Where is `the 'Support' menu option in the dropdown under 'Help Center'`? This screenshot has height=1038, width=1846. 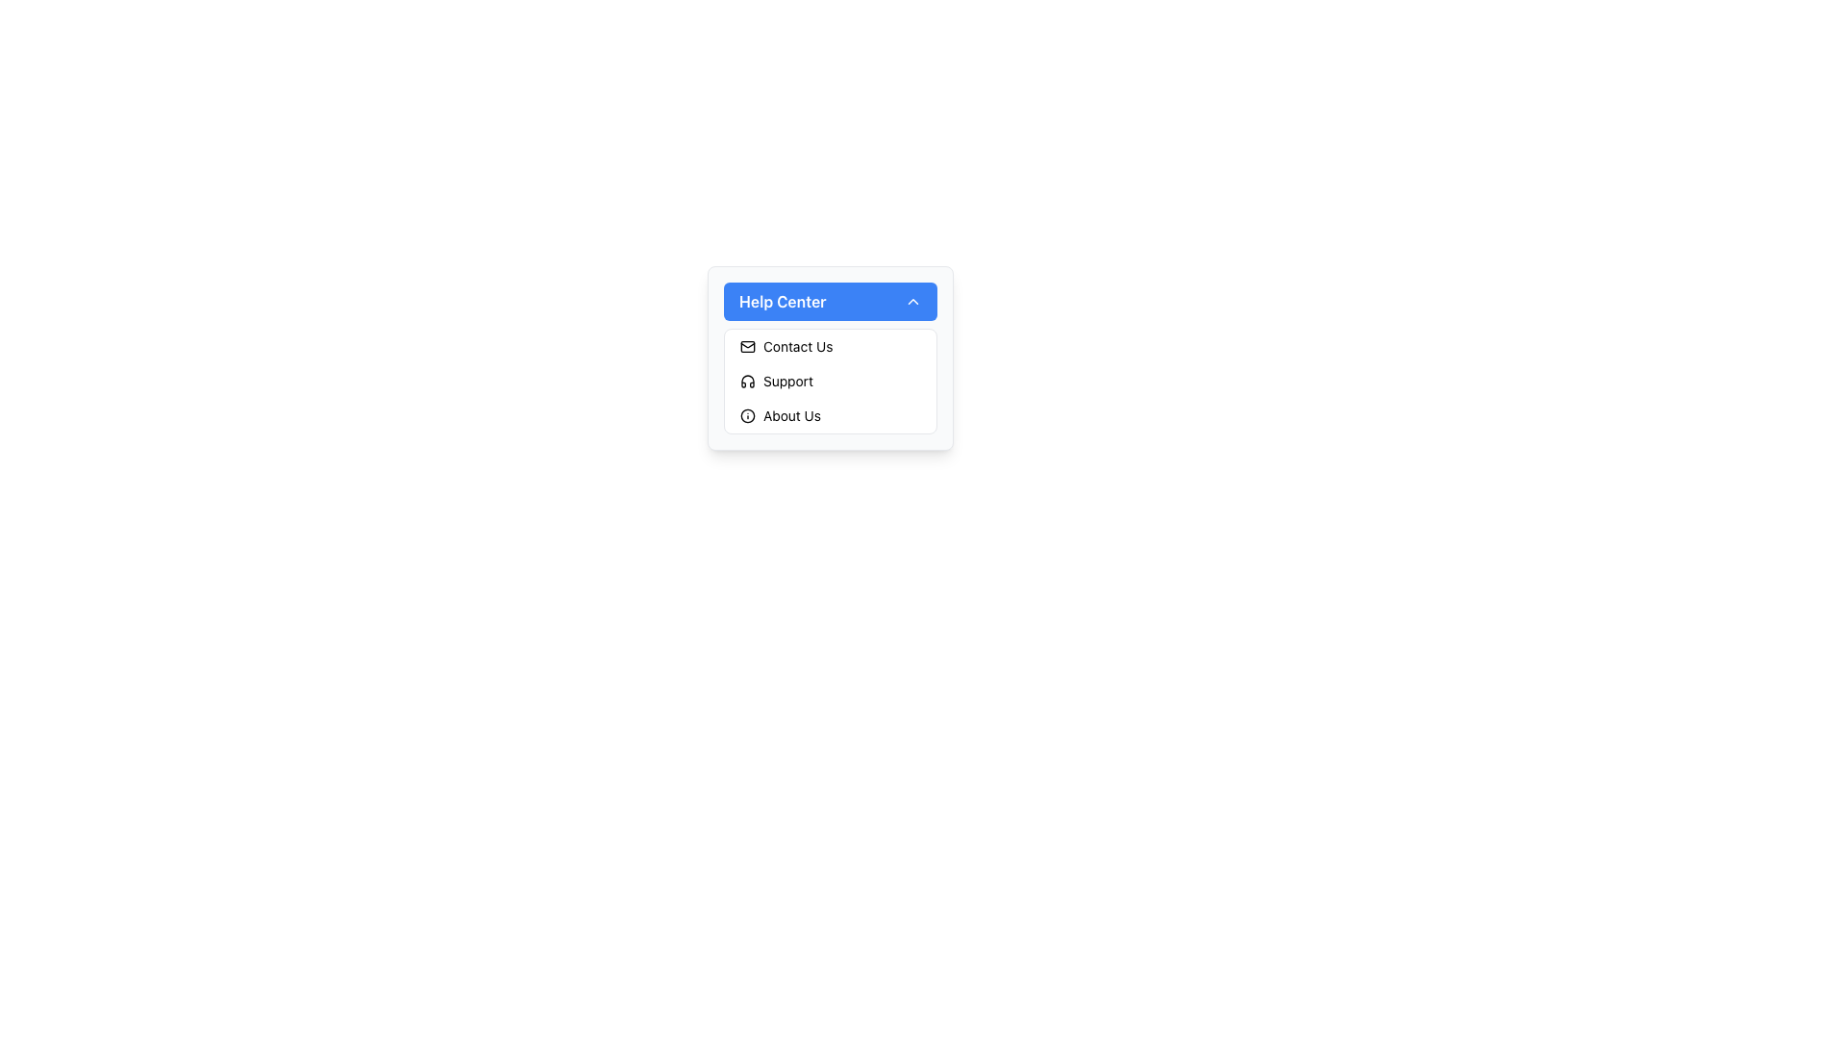 the 'Support' menu option in the dropdown under 'Help Center' is located at coordinates (831, 382).